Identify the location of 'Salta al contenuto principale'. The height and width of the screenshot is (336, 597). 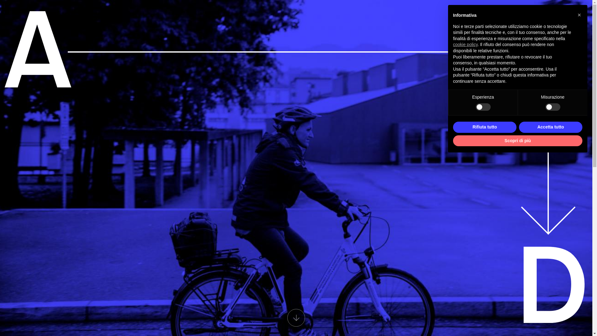
(0, 0).